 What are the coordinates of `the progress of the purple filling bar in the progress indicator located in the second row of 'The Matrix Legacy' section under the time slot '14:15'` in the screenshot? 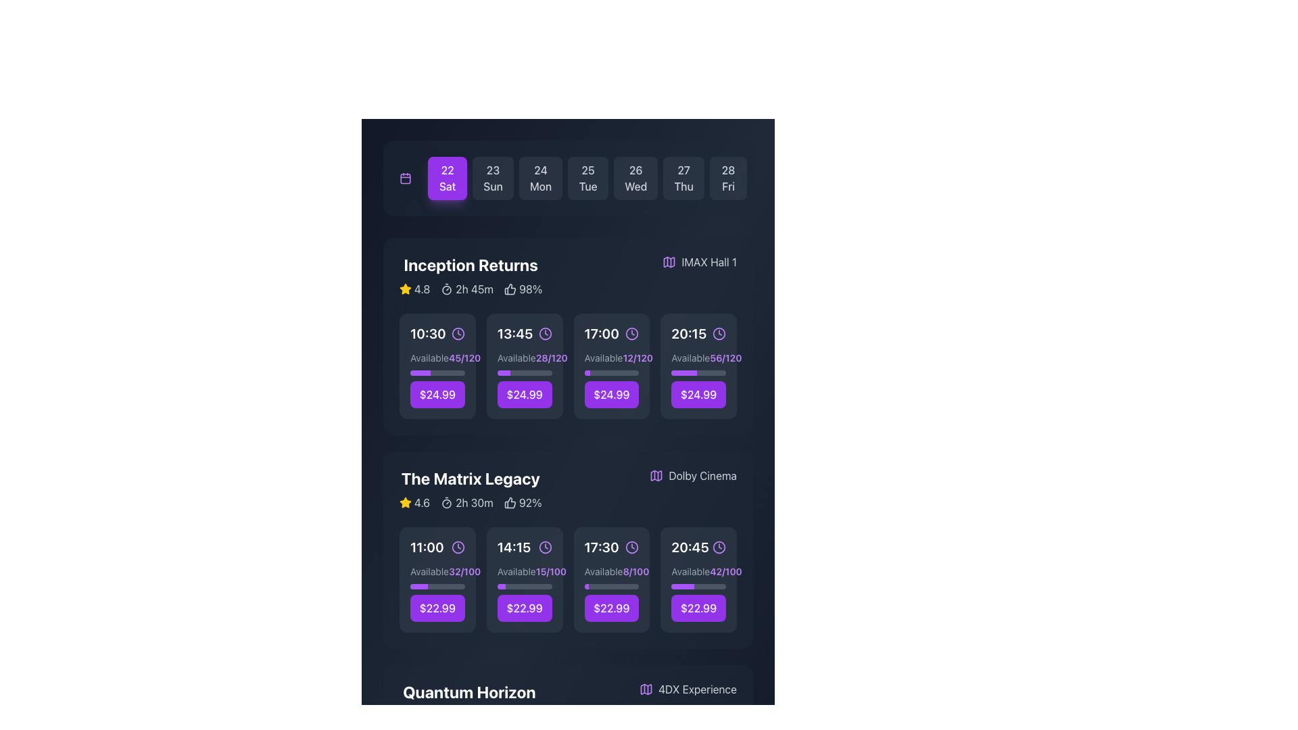 It's located at (524, 585).